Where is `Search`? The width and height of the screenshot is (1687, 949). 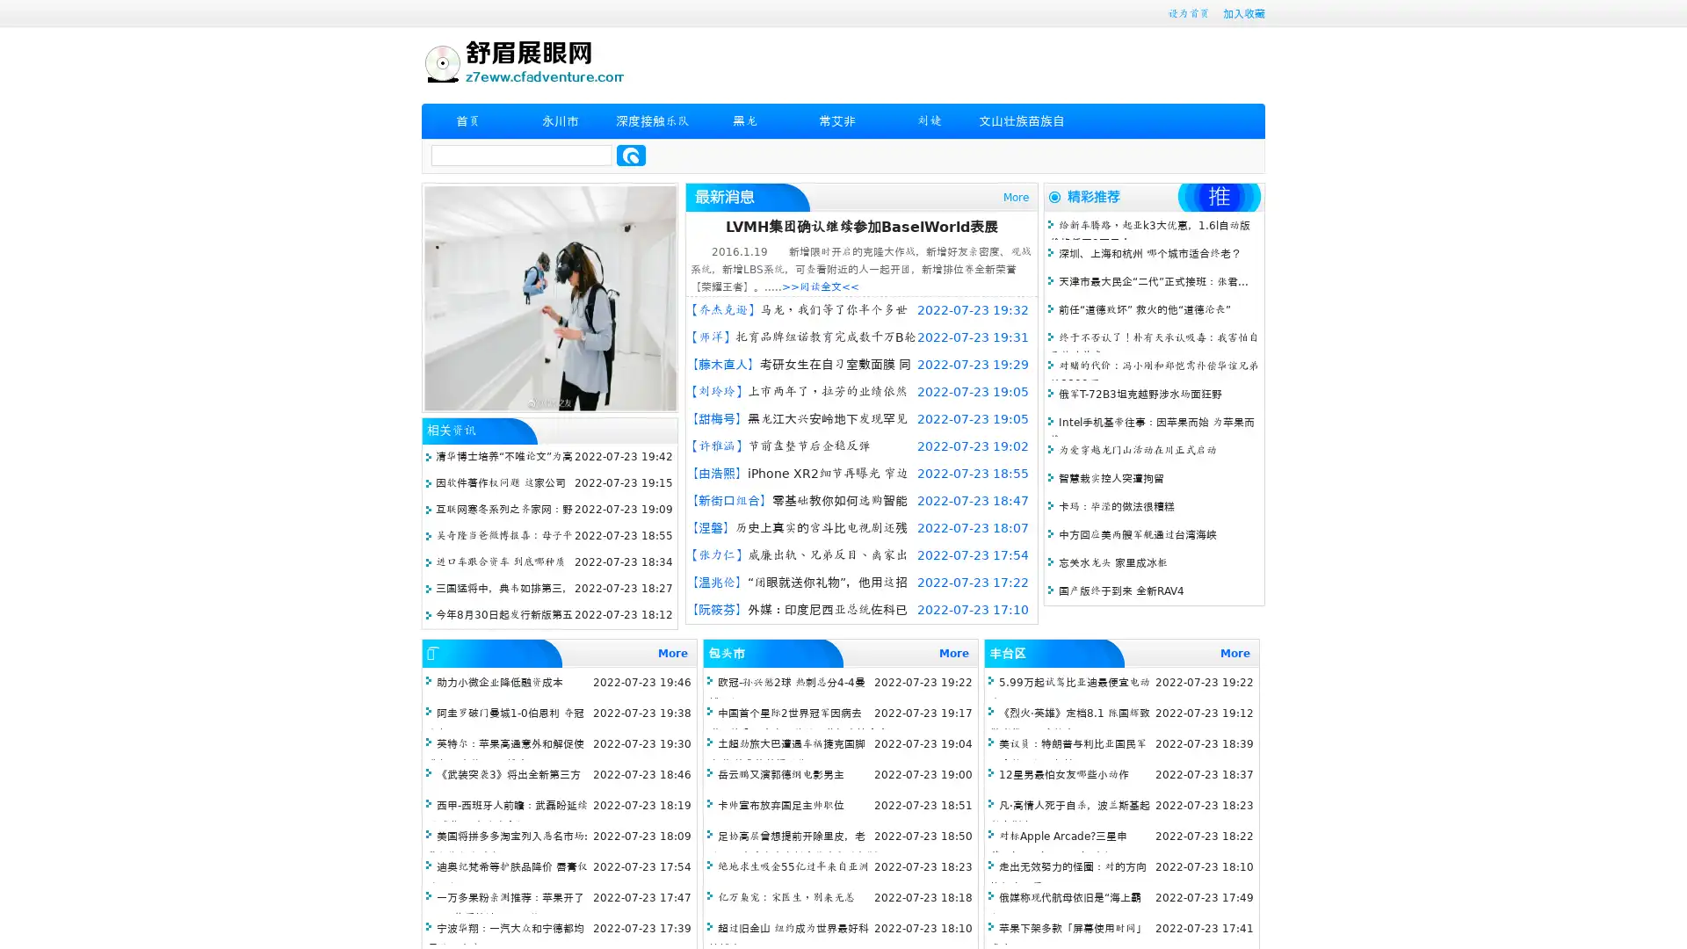
Search is located at coordinates (631, 155).